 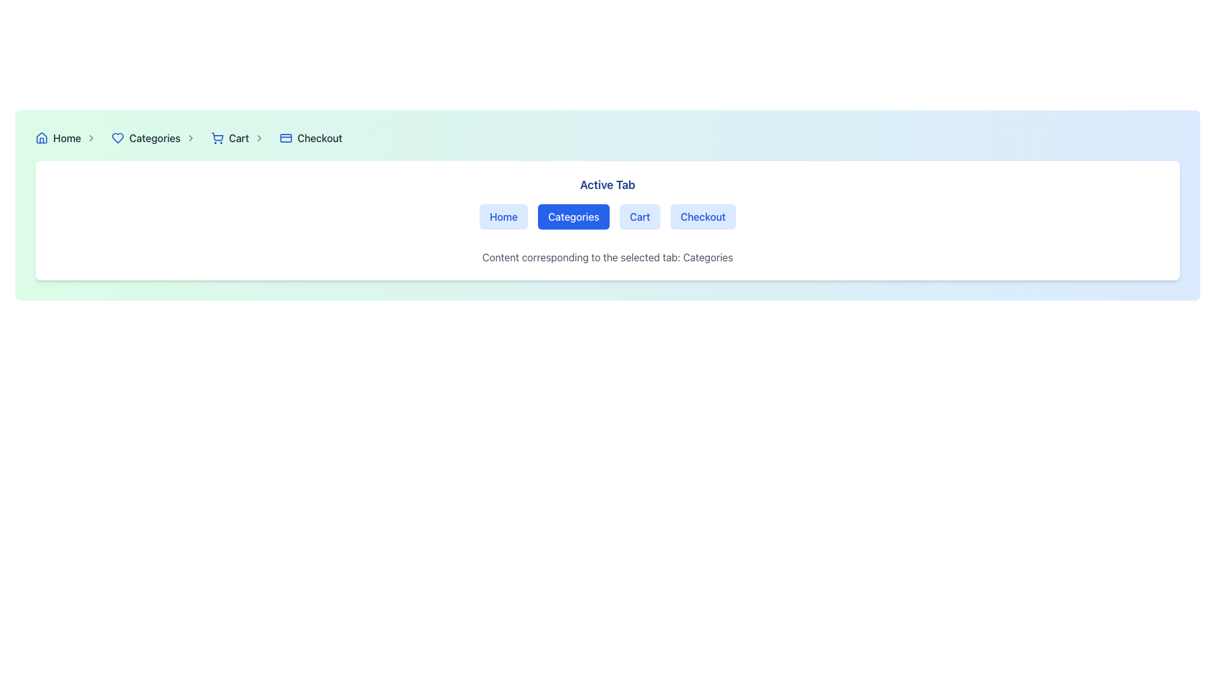 I want to click on the decorative or symbolic icon indicating 'Categories' located next to the text in the breadcrumb navigation bar, so click(x=118, y=138).